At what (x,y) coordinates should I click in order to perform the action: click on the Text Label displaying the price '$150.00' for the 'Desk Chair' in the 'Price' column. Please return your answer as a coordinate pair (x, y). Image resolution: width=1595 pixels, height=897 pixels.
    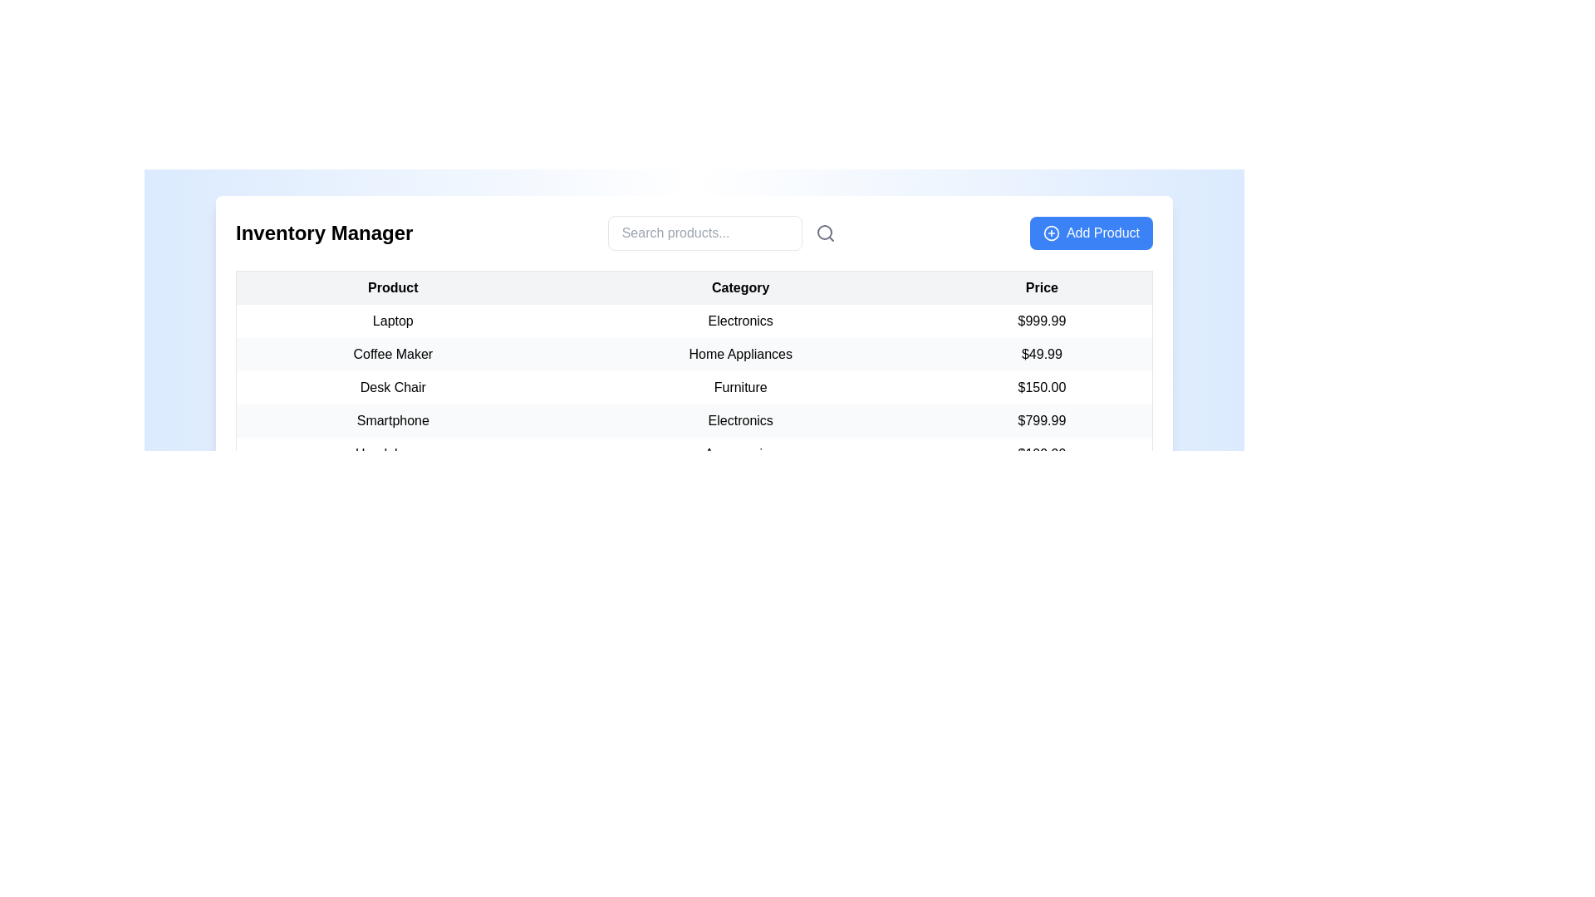
    Looking at the image, I should click on (1041, 387).